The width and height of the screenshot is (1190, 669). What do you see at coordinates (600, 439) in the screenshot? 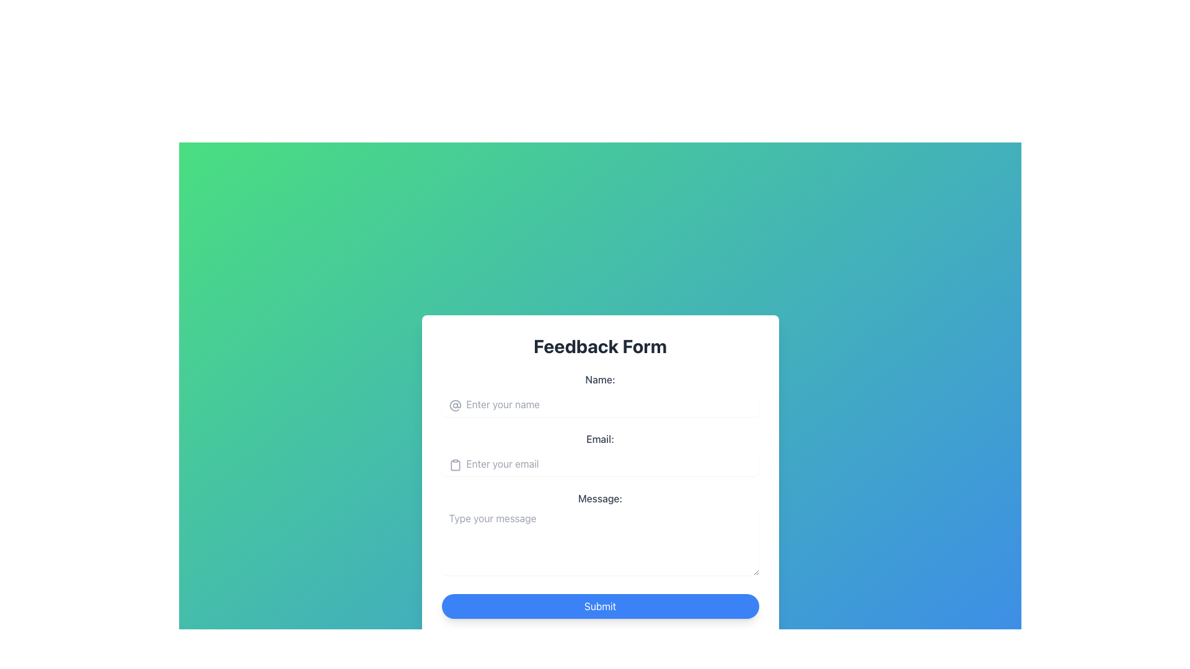
I see `the text label that says 'Email:' which is styled with a medium-weight font and gray color, positioned between the Name and Message labels` at bounding box center [600, 439].